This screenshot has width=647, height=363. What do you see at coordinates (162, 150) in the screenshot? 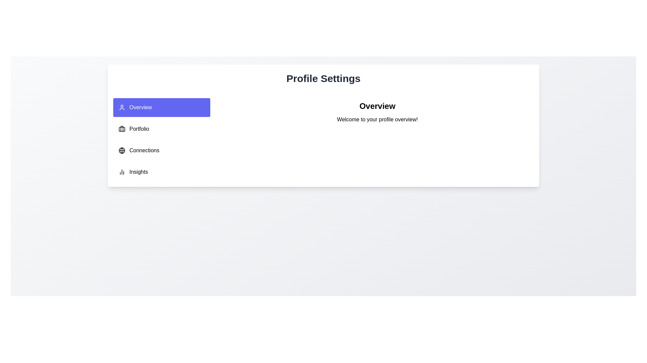
I see `the tab labeled Connections in the navigation menu` at bounding box center [162, 150].